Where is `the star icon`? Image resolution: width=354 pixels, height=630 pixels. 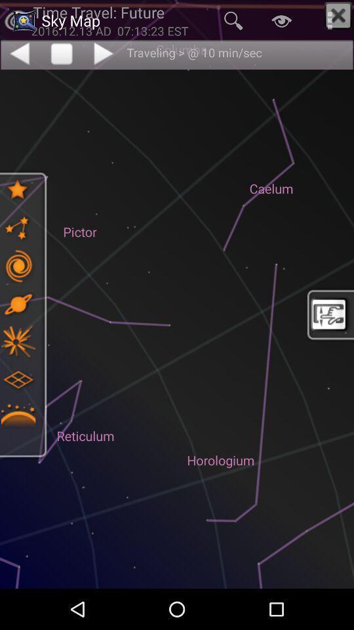
the star icon is located at coordinates (17, 189).